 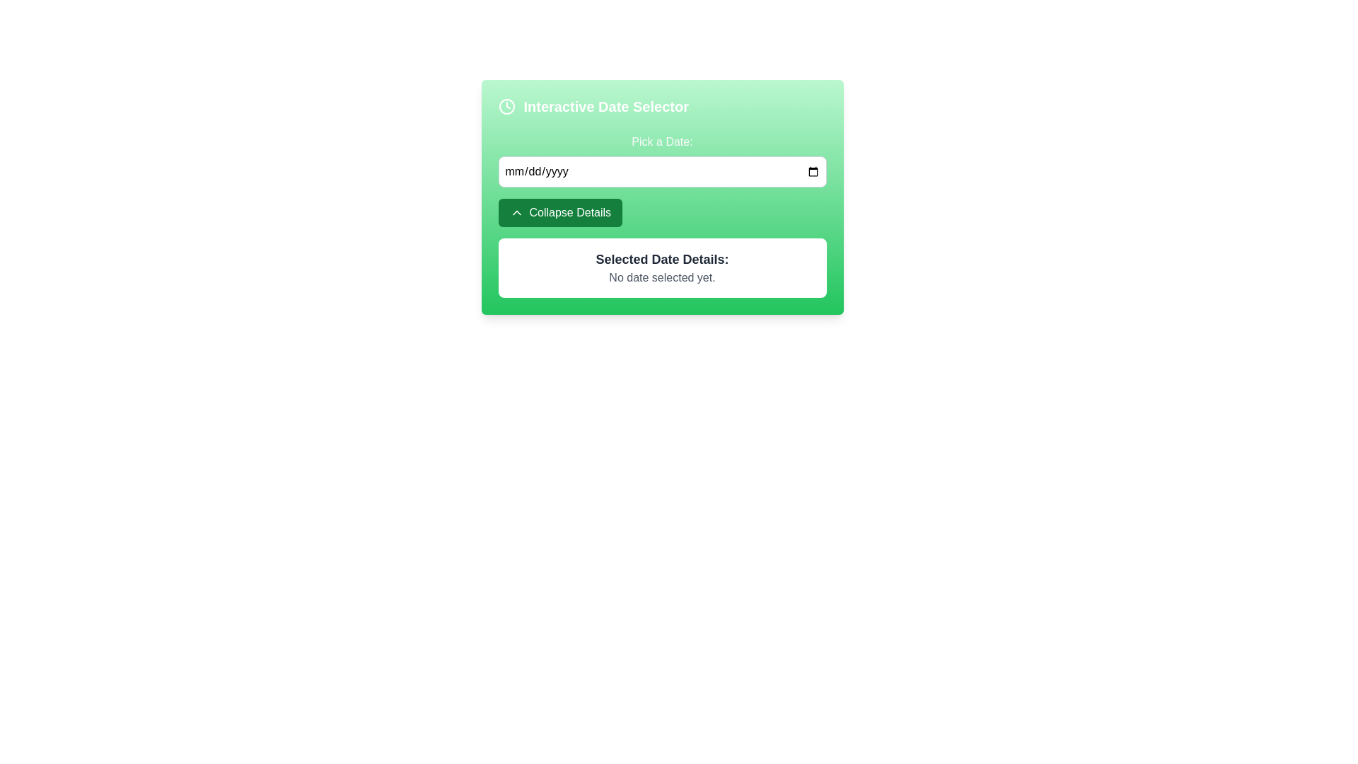 I want to click on the 'Collapse Details' button, which has a green background, white text, and an upward-facing chevron icon, located below the date input field, so click(x=559, y=212).